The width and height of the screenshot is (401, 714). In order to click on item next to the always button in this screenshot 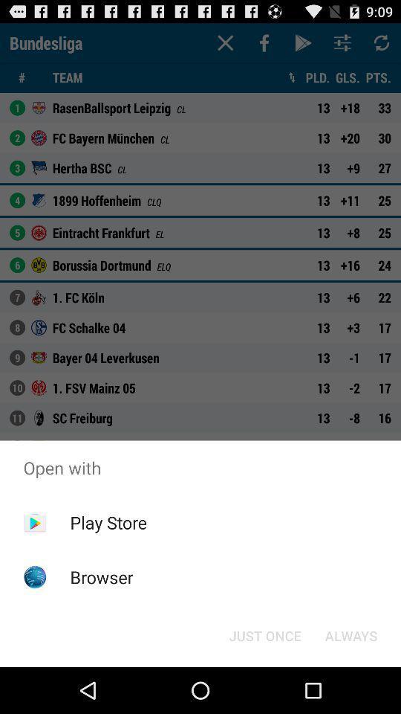, I will do `click(264, 634)`.